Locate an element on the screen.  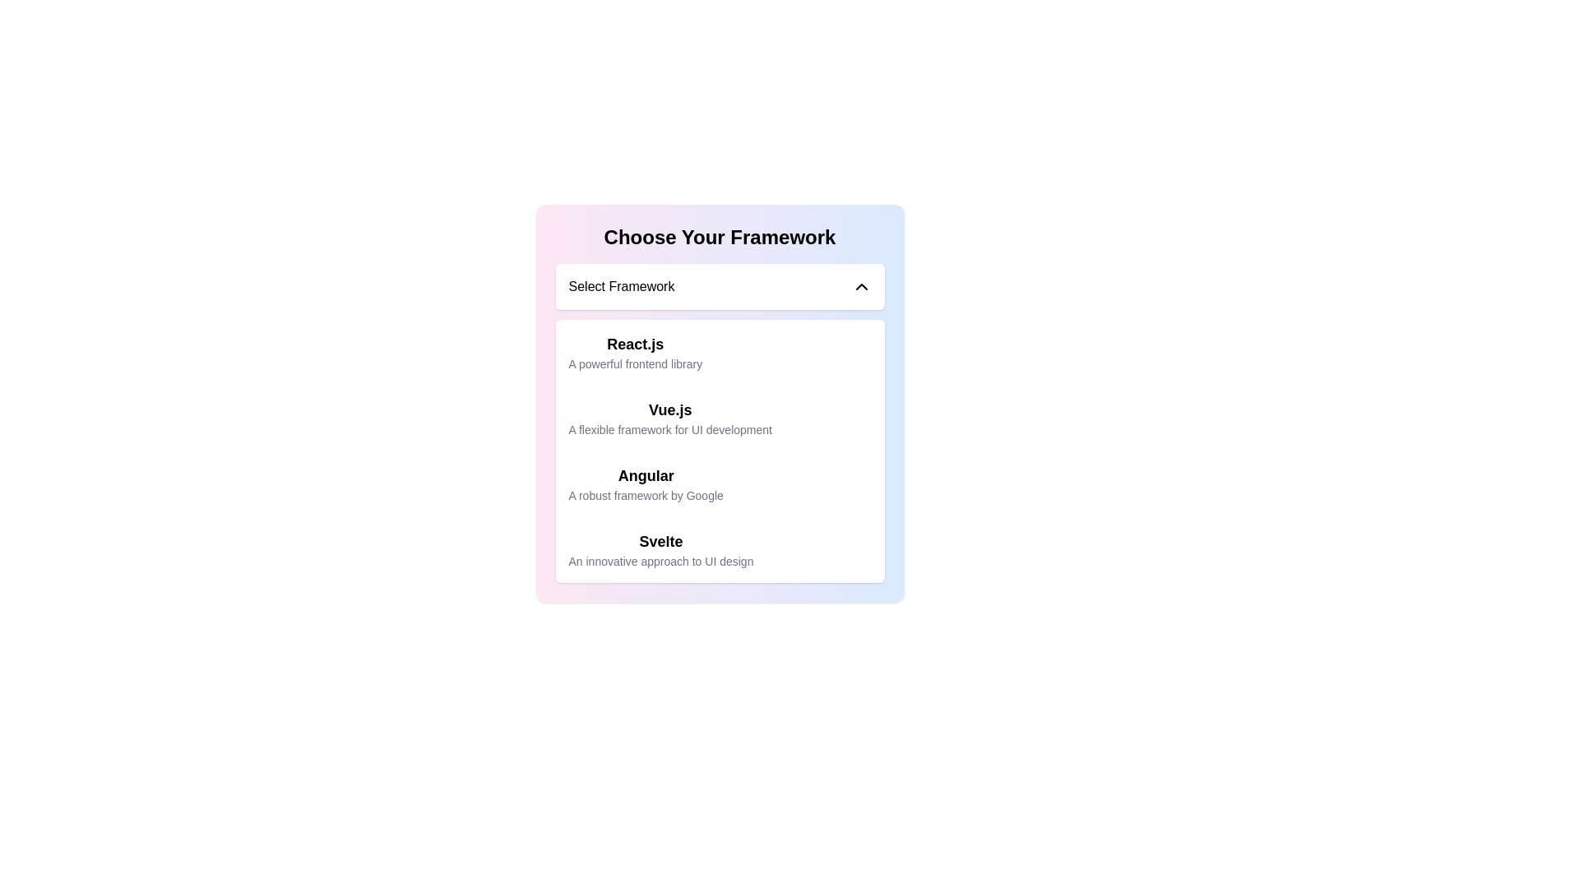
the text snippet that reads 'A robust framework by Google', which is styled in a small gray font and positioned directly below the 'Angular' header in the framework selection interface is located at coordinates (645, 494).